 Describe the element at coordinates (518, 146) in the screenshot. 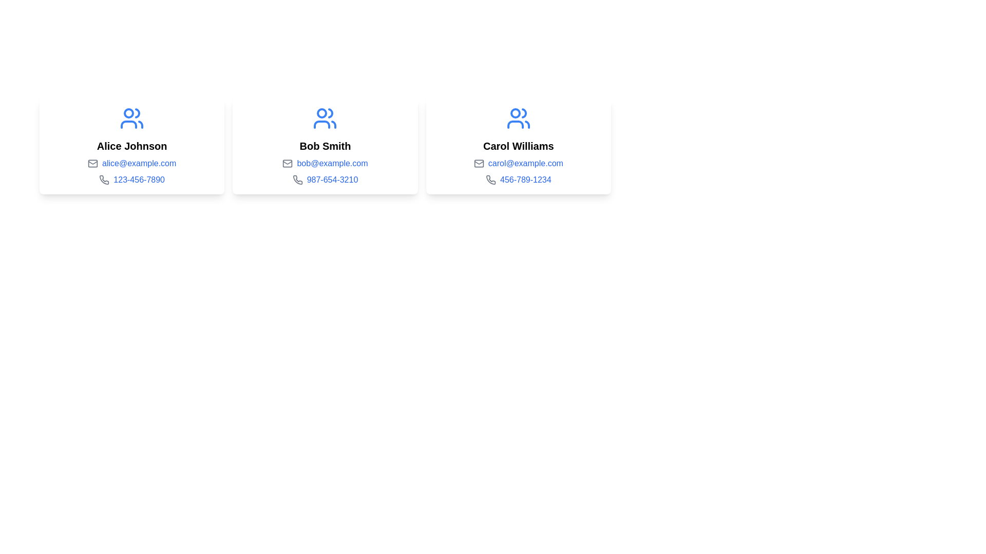

I see `the text label displaying 'Carol Williams' in the third card from the left, to associate its content with other elements in the same card` at that location.